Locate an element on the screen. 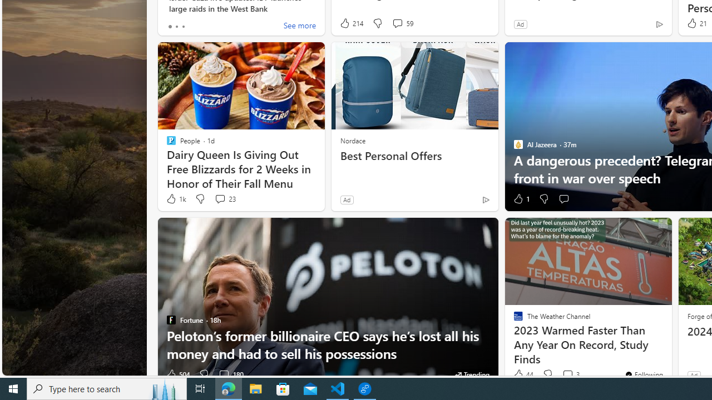 This screenshot has width=712, height=400. 'View comments 180 Comment' is located at coordinates (223, 374).